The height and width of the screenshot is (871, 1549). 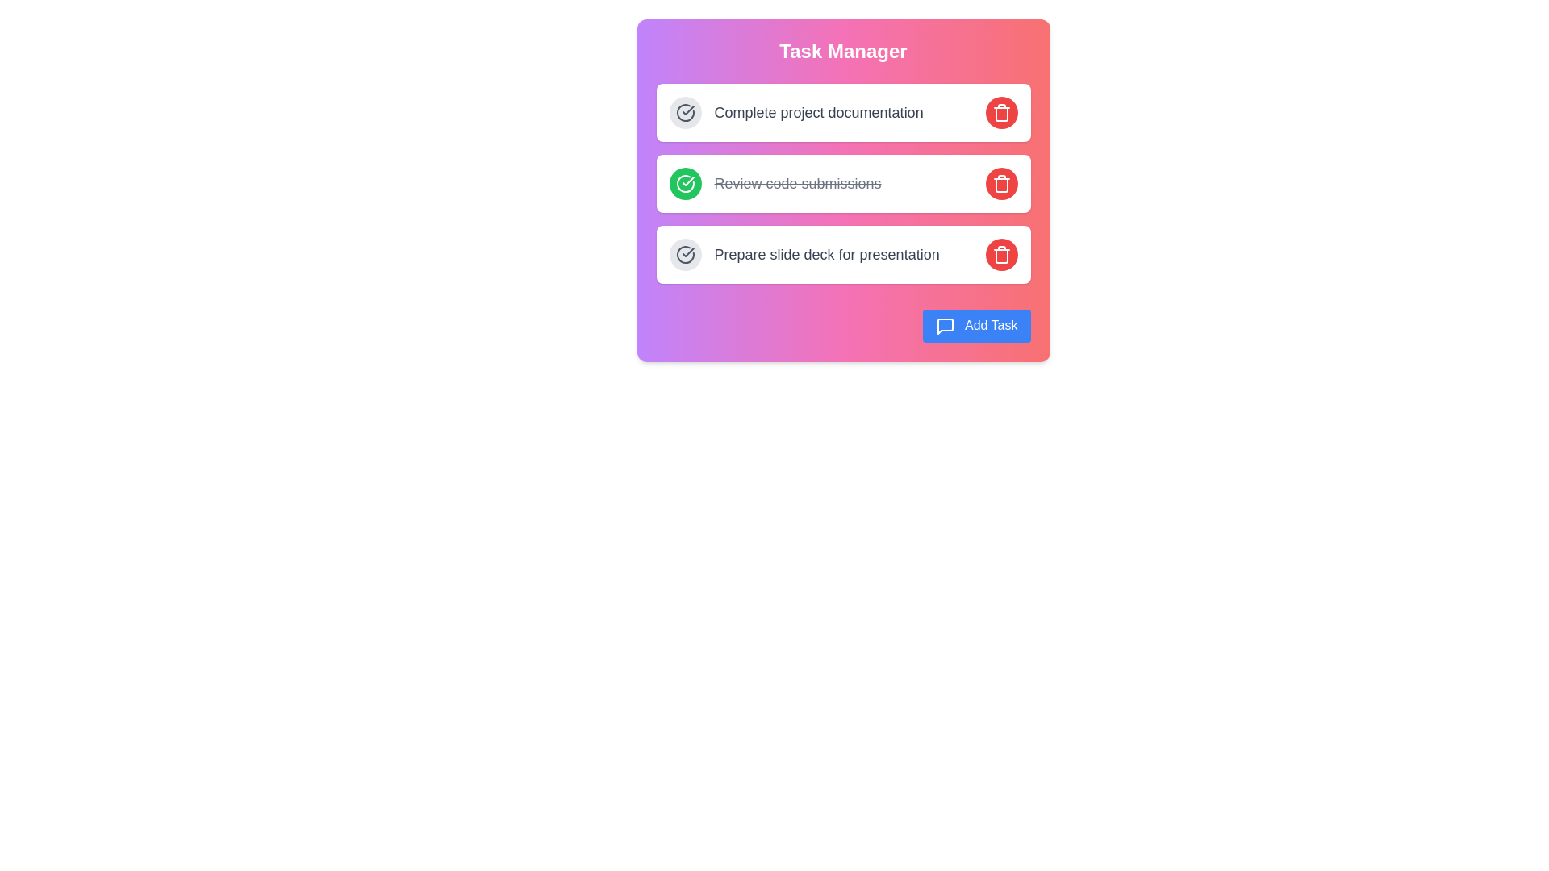 What do you see at coordinates (685, 111) in the screenshot?
I see `the completion status icon located in the top task row of the task manager interface, which is positioned to the left of the task titled 'Complete project documentation'` at bounding box center [685, 111].